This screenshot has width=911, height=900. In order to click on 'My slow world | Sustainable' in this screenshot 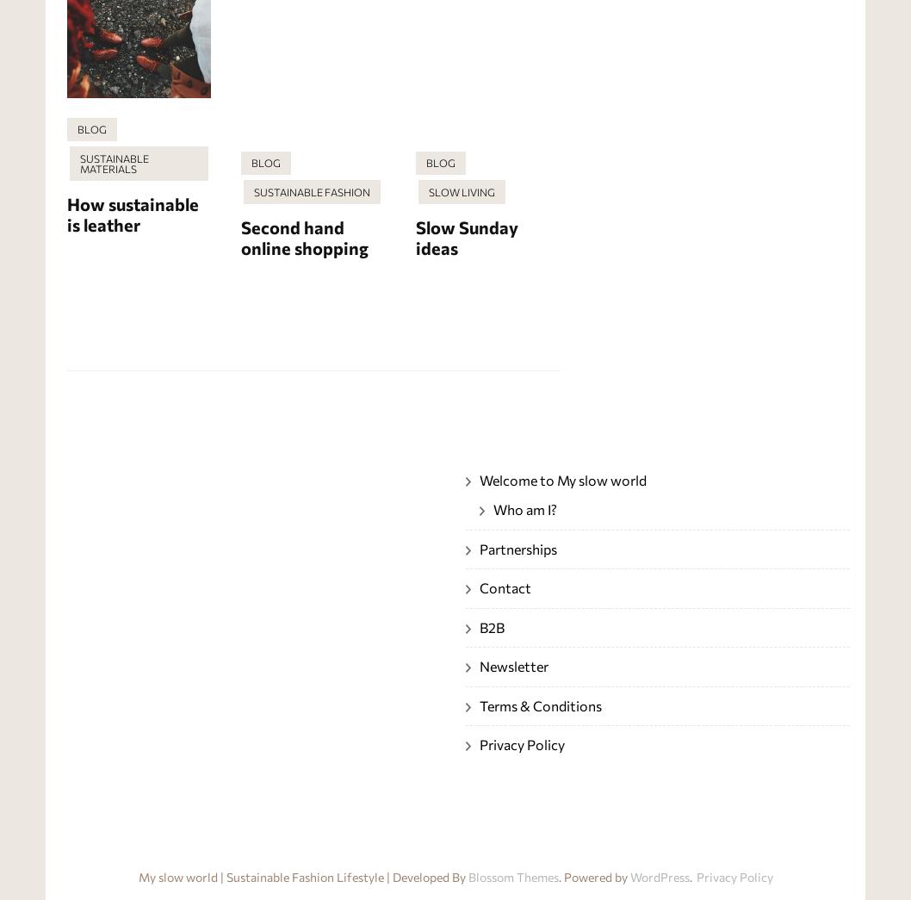, I will do `click(213, 876)`.